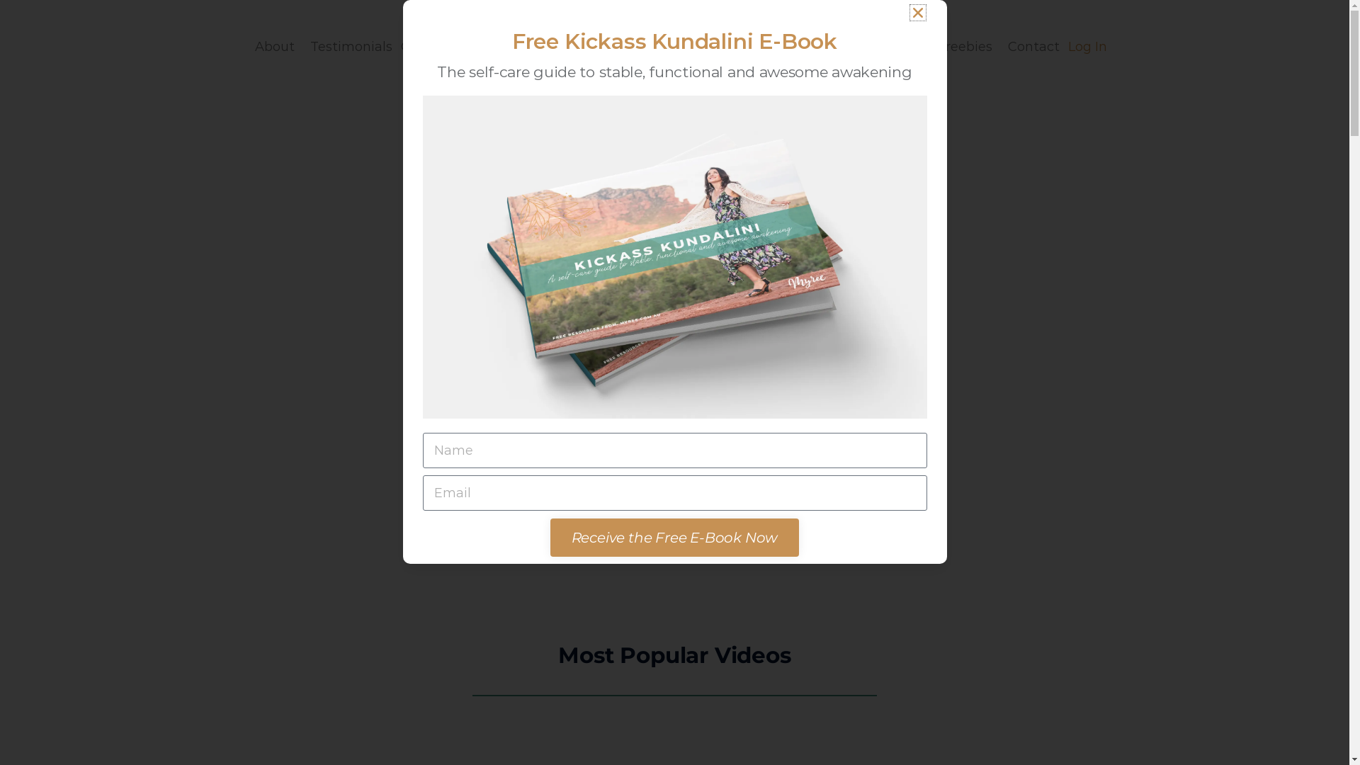 Image resolution: width=1360 pixels, height=765 pixels. I want to click on 'Courses', so click(503, 45).